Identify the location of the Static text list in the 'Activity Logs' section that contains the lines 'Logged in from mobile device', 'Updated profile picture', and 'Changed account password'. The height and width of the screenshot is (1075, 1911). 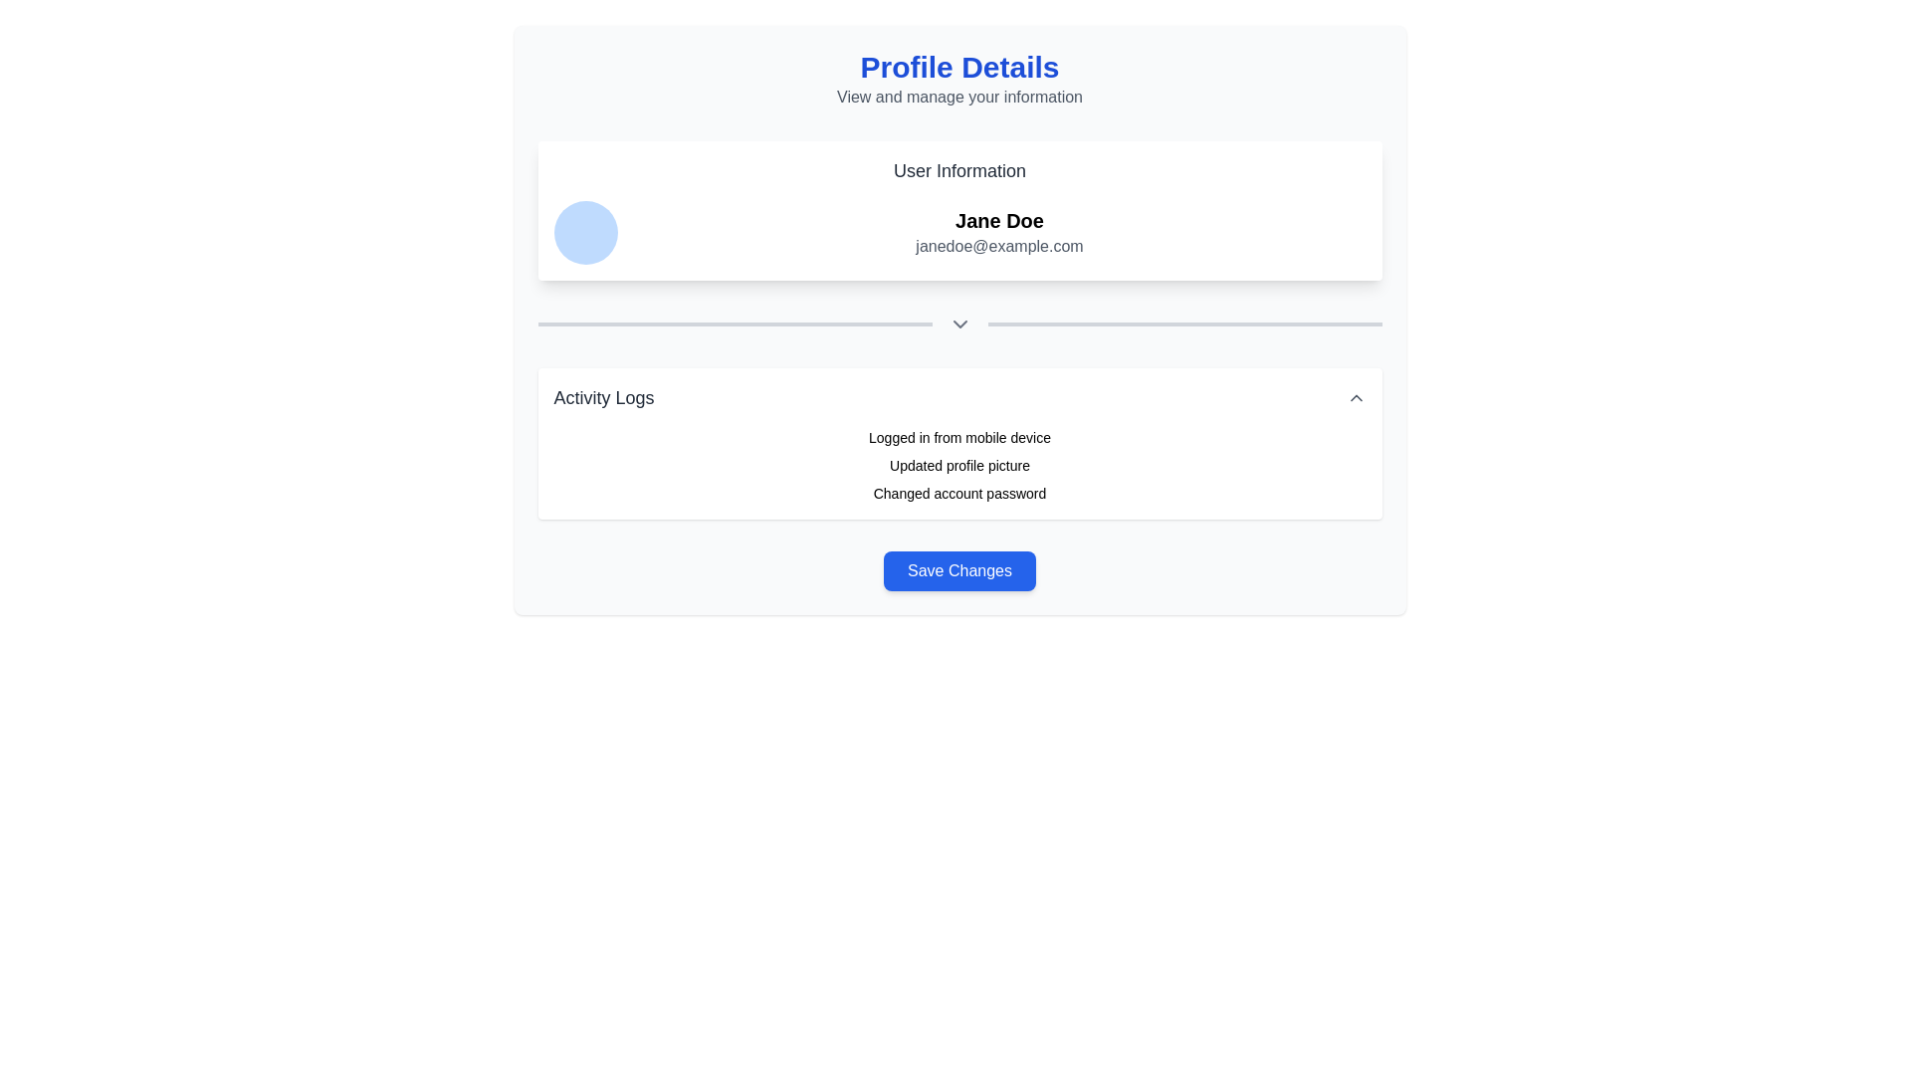
(959, 465).